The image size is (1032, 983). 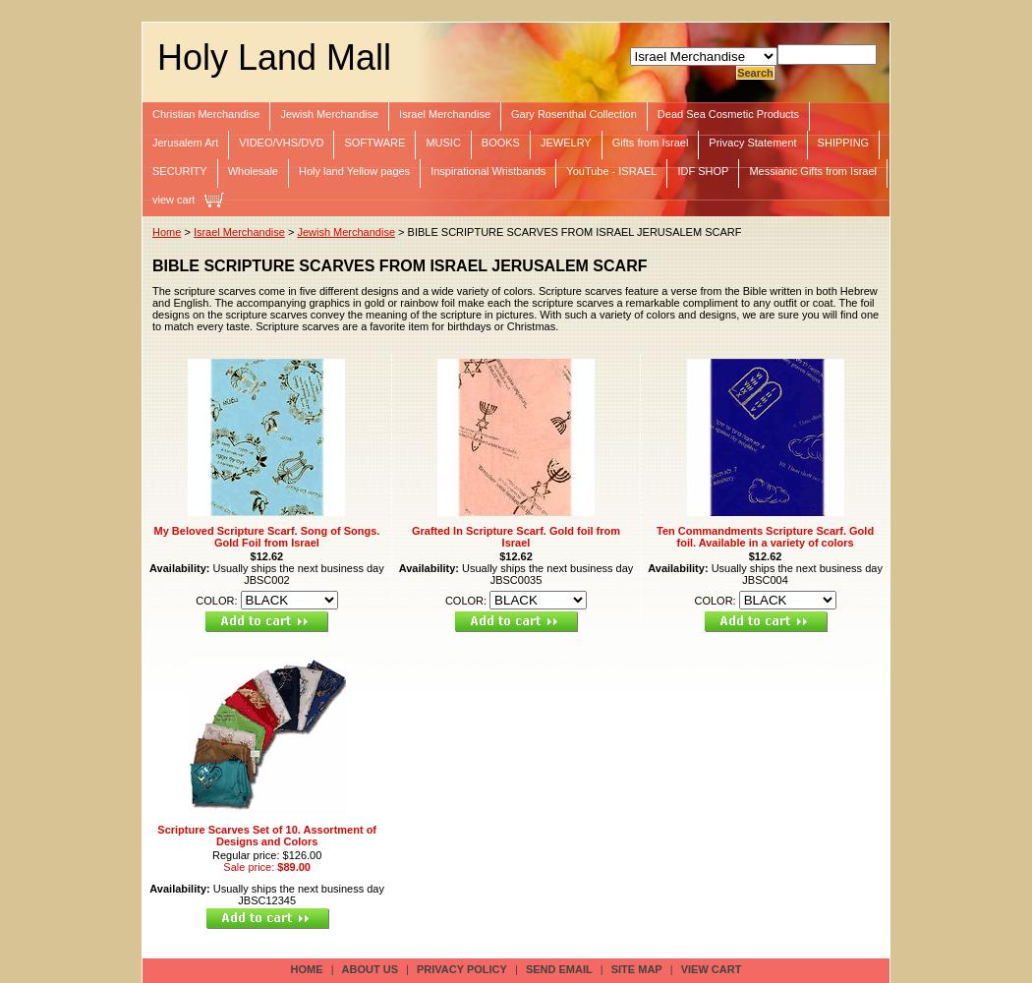 I want to click on 'Holy Land Mall', so click(x=272, y=57).